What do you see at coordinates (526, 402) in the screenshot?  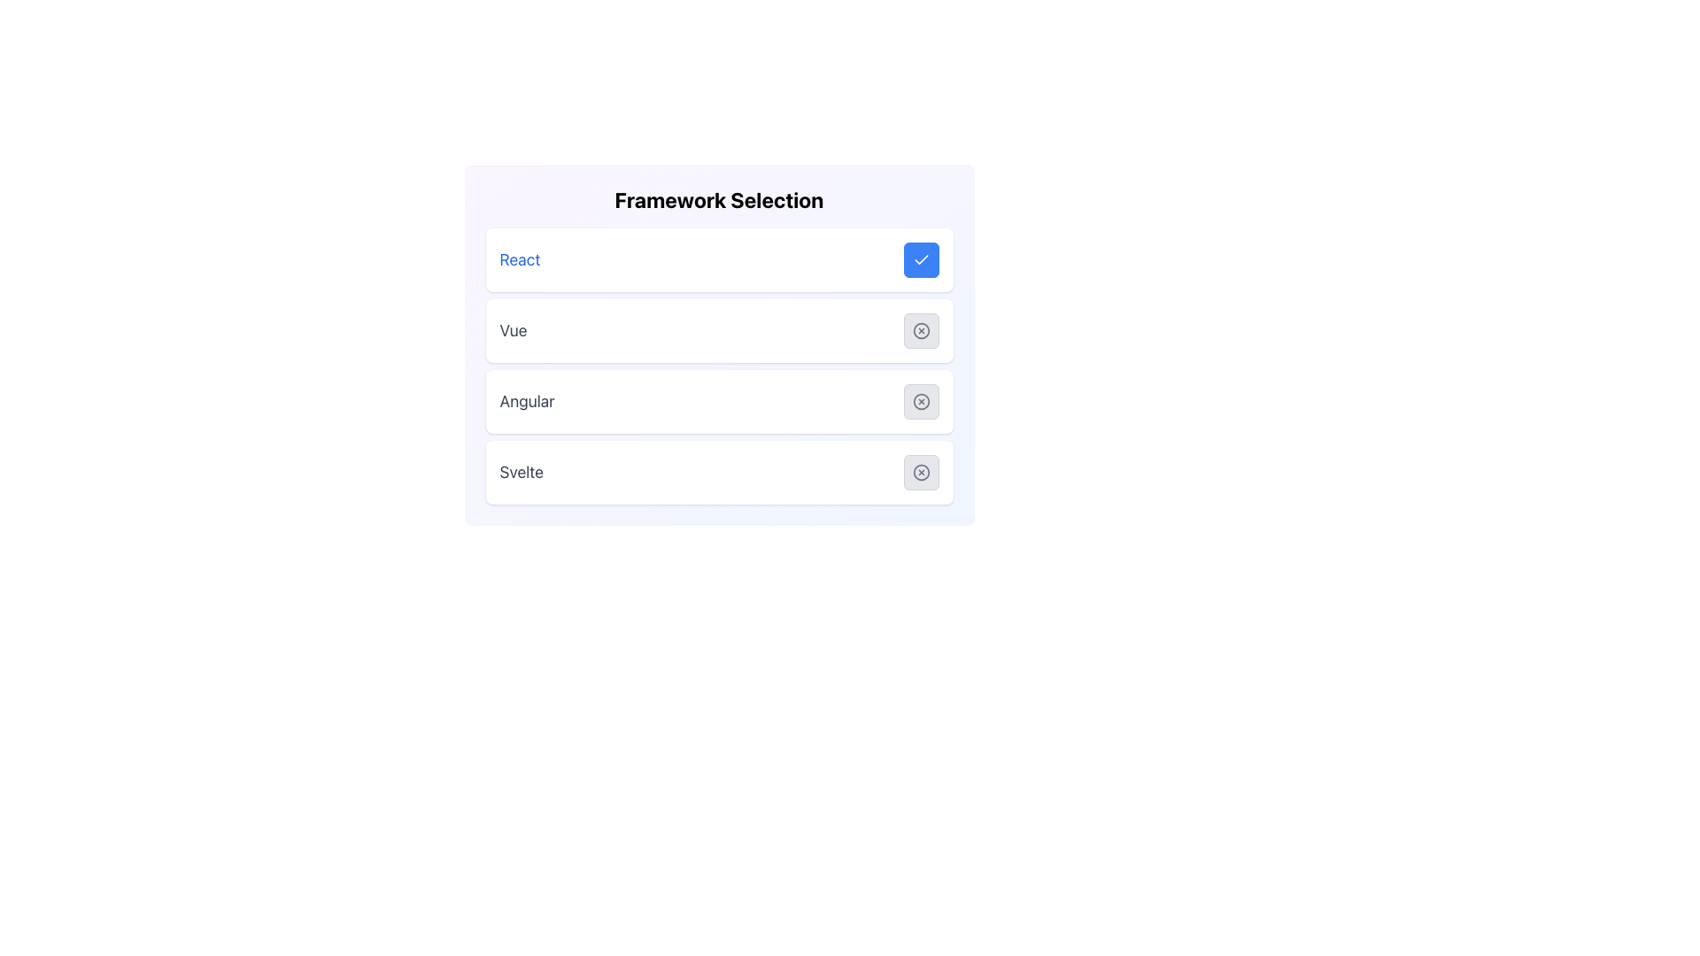 I see `the text label displaying 'Angular' in bold gray font, which is part of the second selectable card in the 'Framework Selection' layout` at bounding box center [526, 402].